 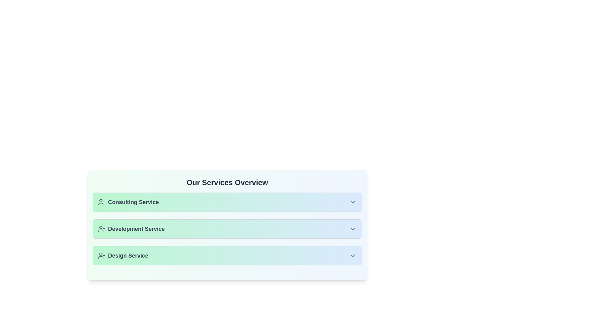 What do you see at coordinates (102, 255) in the screenshot?
I see `the 'Design Service' icon located to the left of the 'Design Service' text in the third row of the services listed under 'Our Services Overview'` at bounding box center [102, 255].